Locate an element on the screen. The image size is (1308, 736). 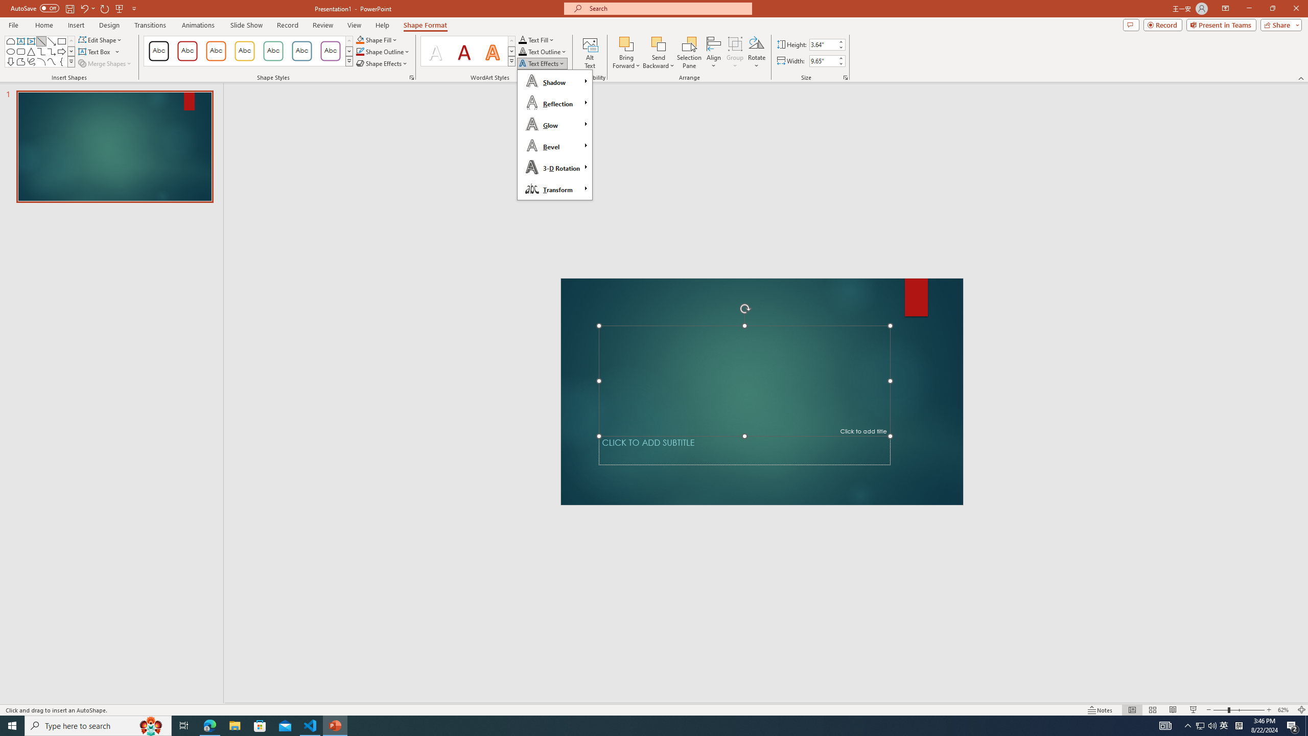
'Text Fill RGB(0, 0, 0)' is located at coordinates (522, 39).